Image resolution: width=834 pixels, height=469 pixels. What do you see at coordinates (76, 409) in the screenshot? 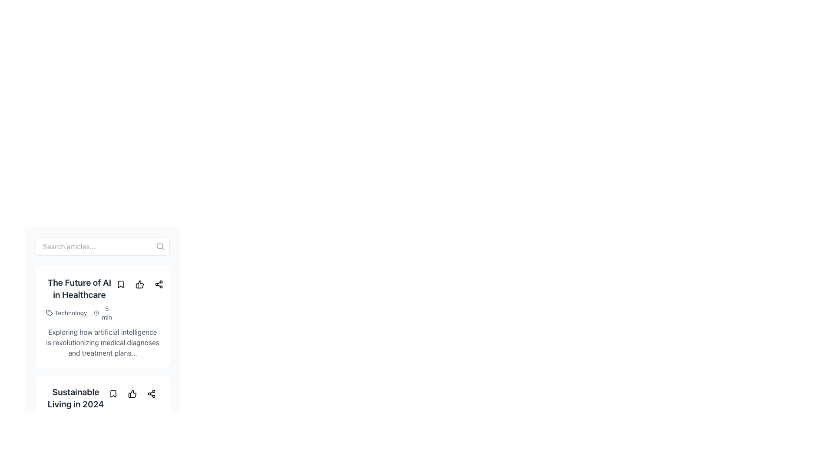
I see `the title text element located within the second article card, which is centrally aligned below the card titled 'The Future of AI in Healthcare'` at bounding box center [76, 409].